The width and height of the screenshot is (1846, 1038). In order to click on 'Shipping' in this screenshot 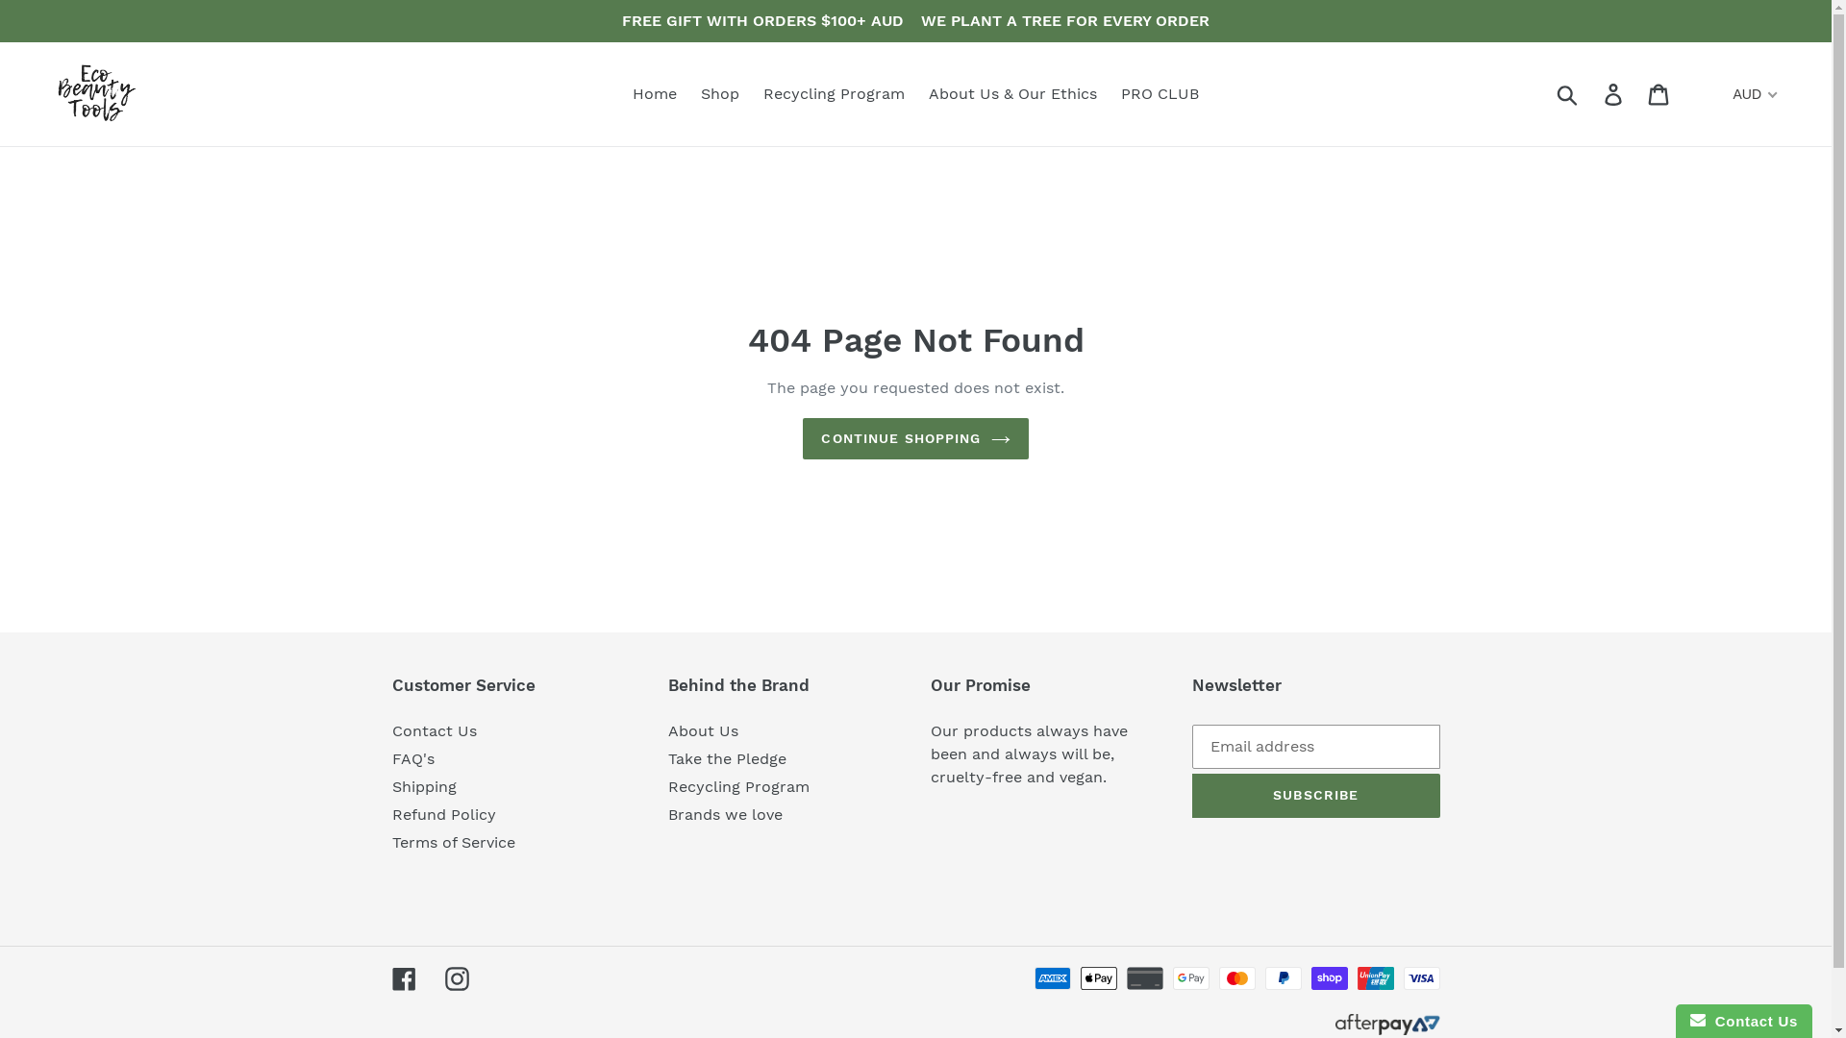, I will do `click(423, 786)`.